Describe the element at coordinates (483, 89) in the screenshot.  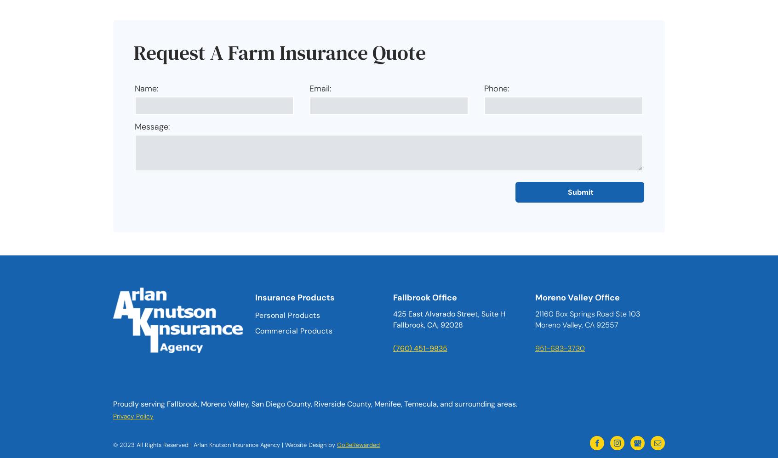
I see `'Phone:'` at that location.